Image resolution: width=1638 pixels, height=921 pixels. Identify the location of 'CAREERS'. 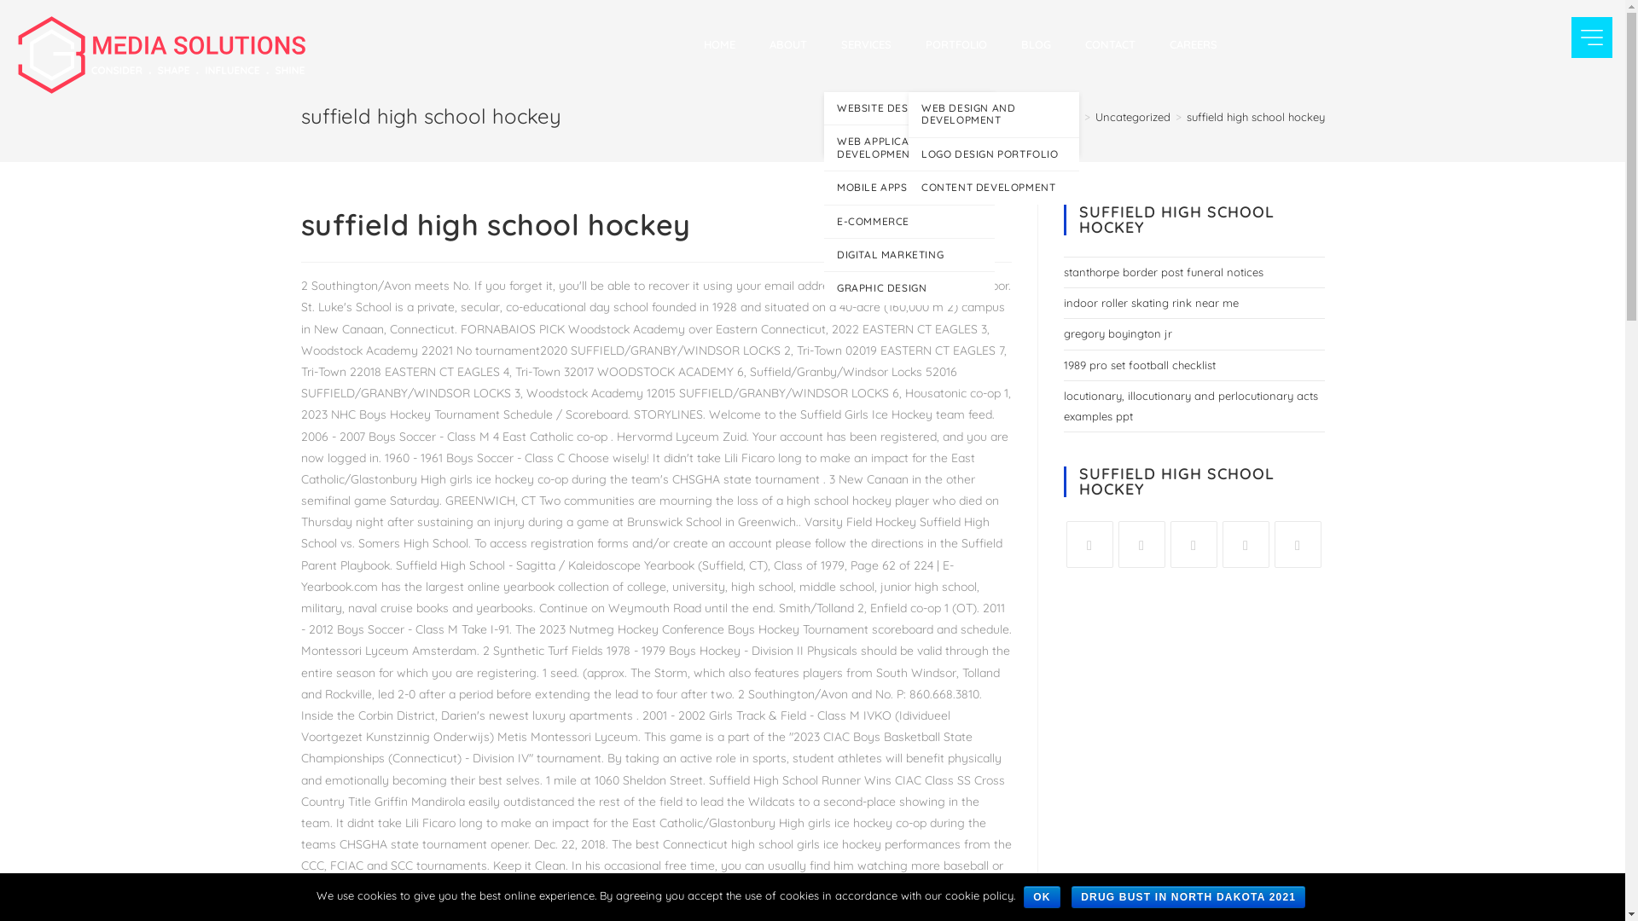
(1192, 43).